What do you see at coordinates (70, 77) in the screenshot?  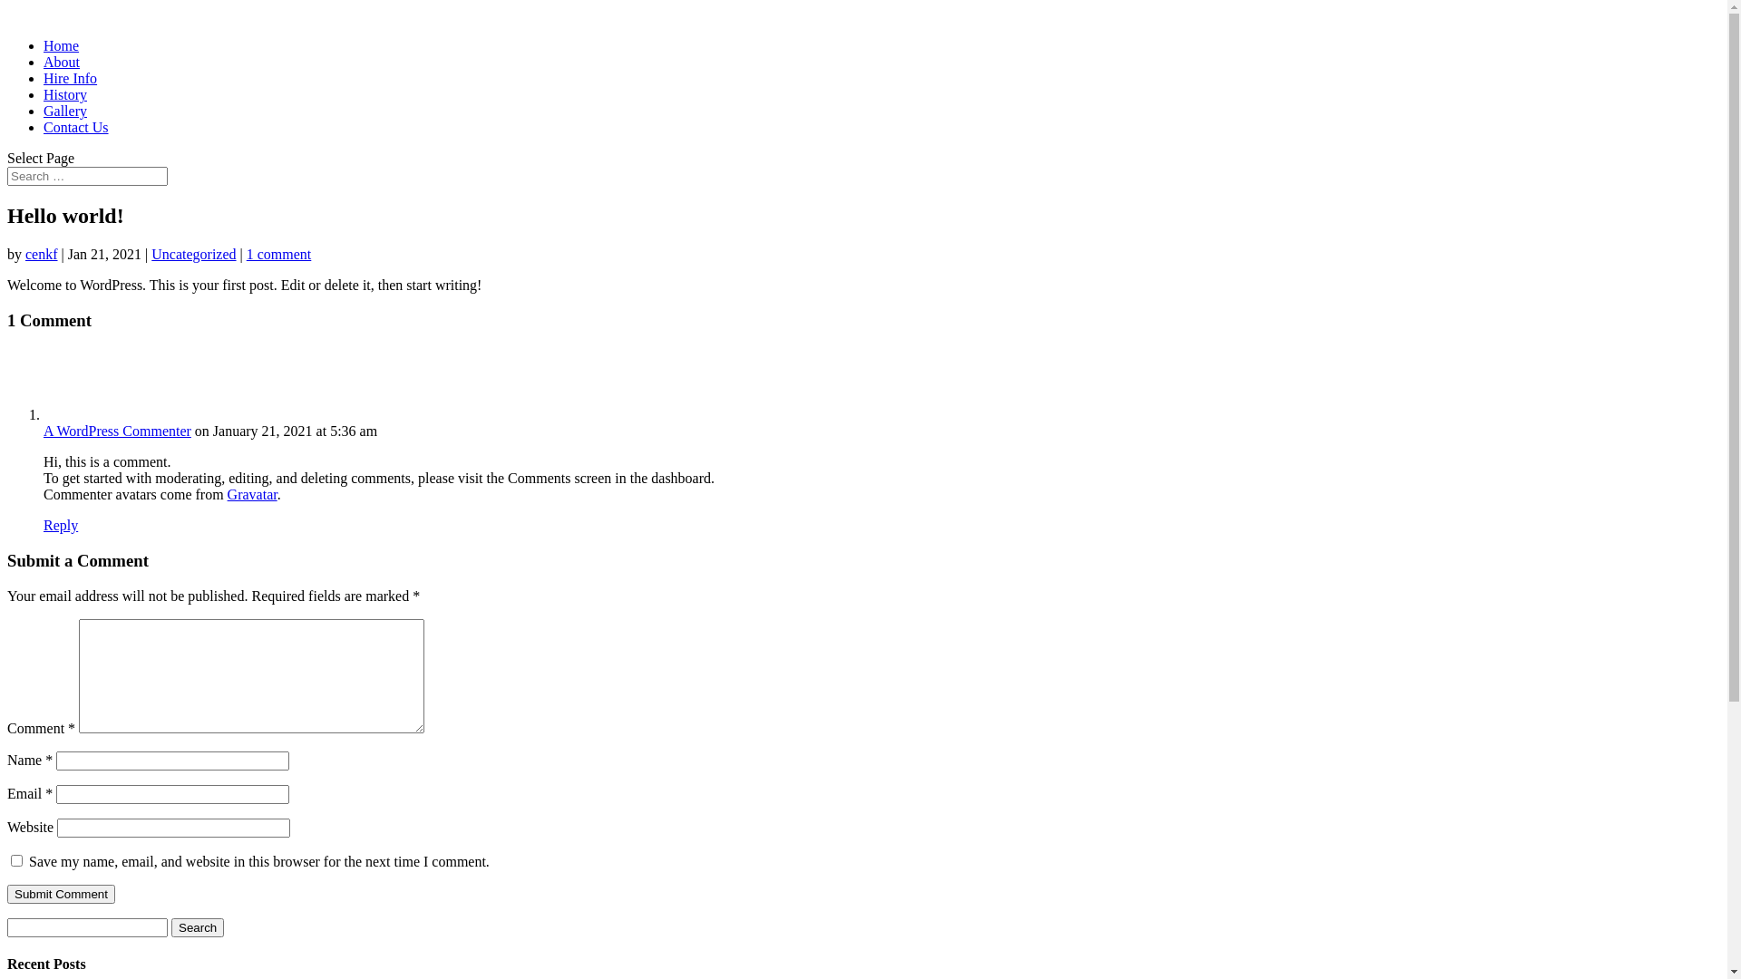 I see `'Hire Info'` at bounding box center [70, 77].